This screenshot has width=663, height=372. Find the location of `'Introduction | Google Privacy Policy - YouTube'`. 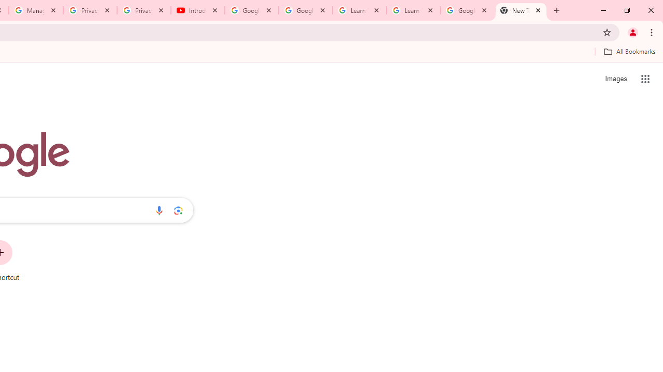

'Introduction | Google Privacy Policy - YouTube' is located at coordinates (198, 10).